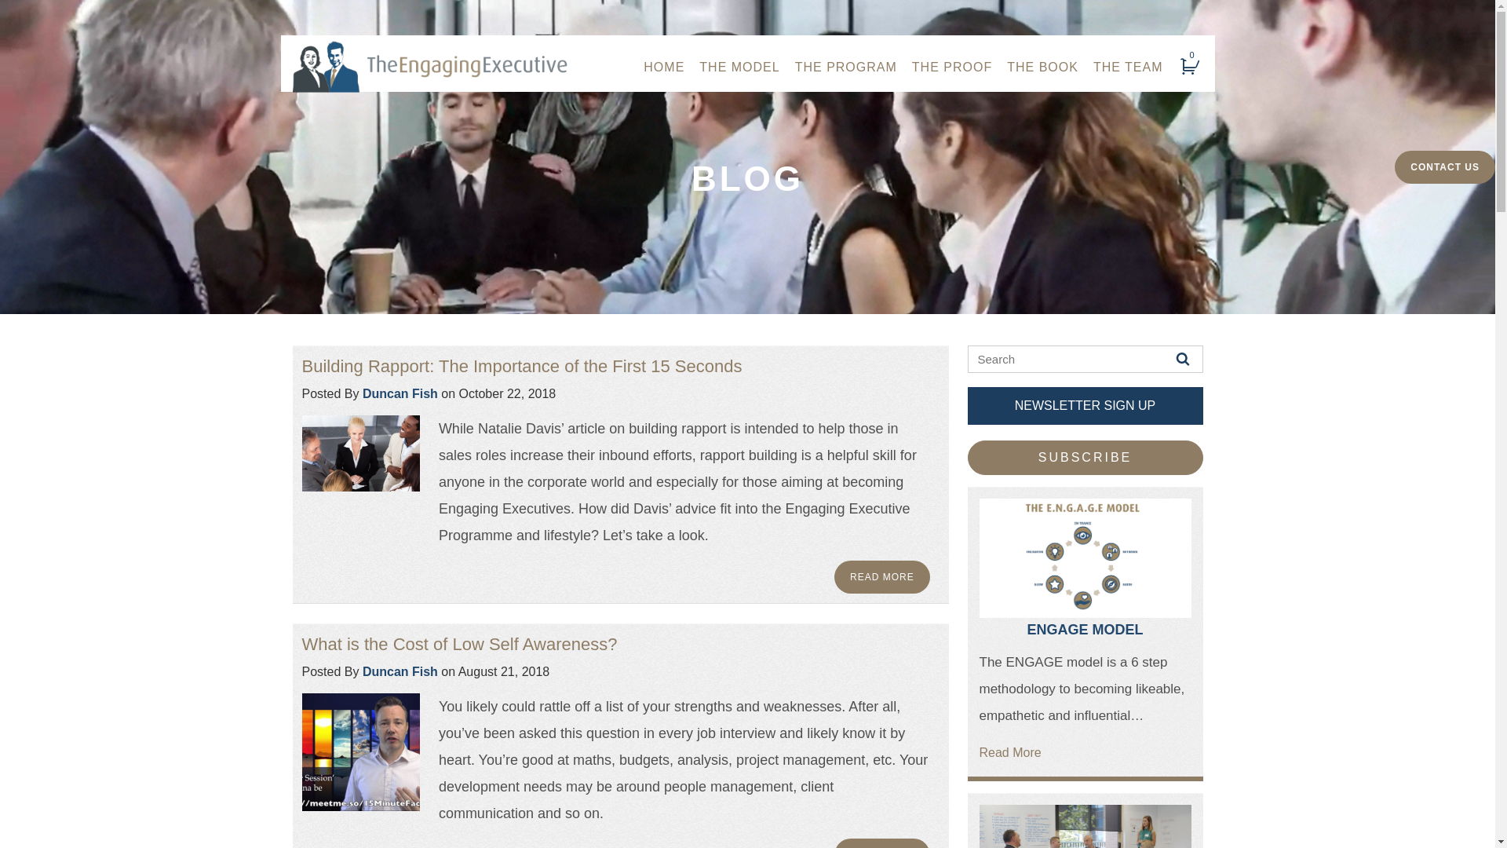  Describe the element at coordinates (845, 66) in the screenshot. I see `'THE PROGRAM'` at that location.